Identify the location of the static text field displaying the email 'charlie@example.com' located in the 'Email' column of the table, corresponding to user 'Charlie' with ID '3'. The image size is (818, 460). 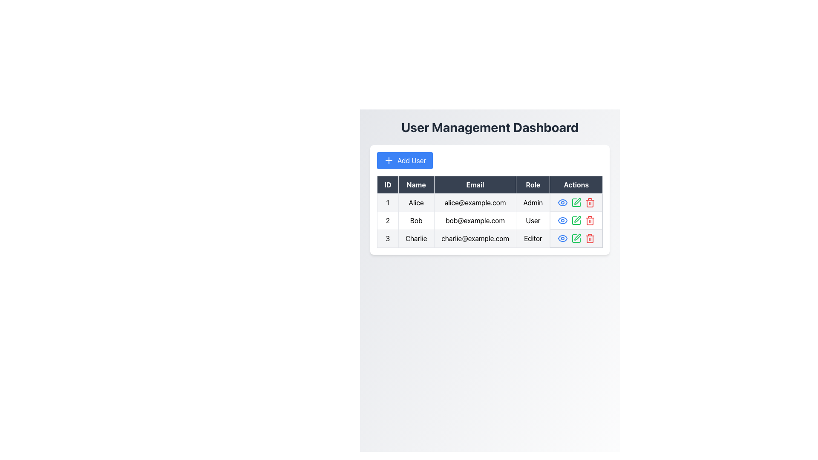
(475, 239).